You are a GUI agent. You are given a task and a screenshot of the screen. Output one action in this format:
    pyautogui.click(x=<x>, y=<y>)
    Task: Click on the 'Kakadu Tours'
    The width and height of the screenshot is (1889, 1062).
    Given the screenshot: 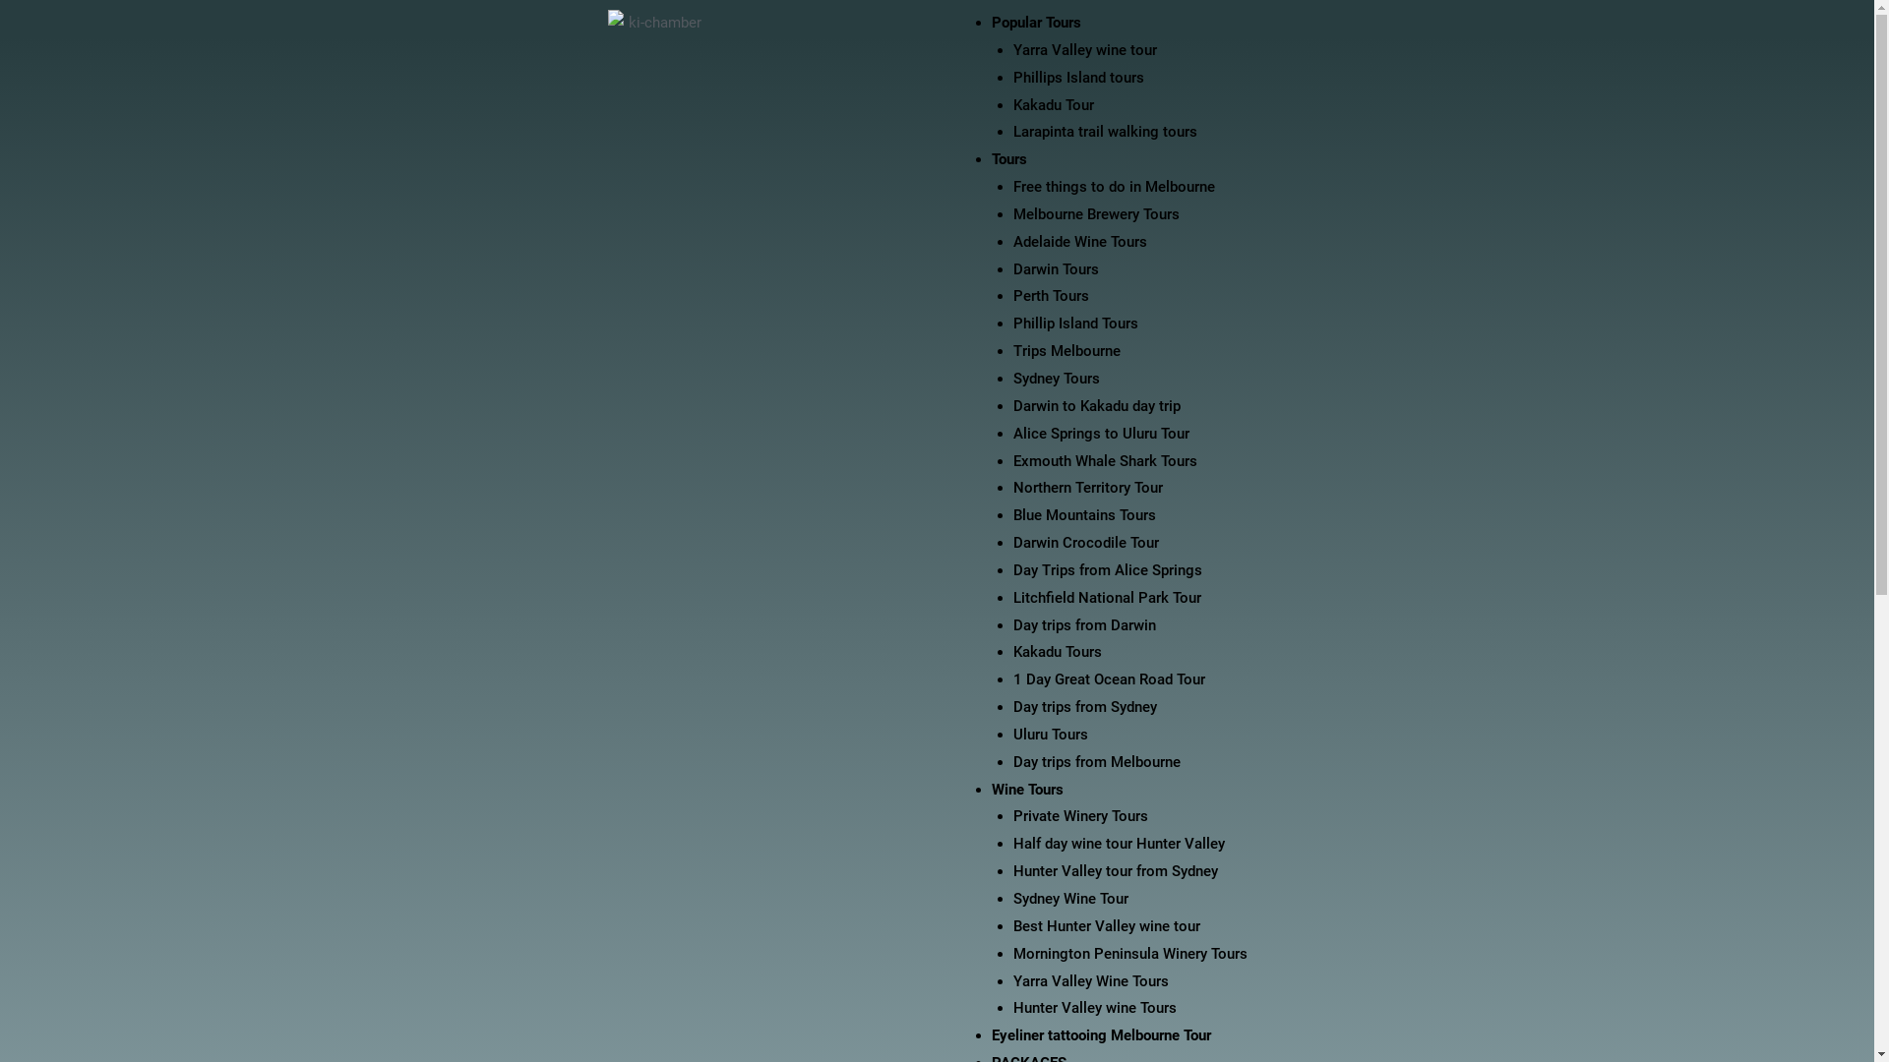 What is the action you would take?
    pyautogui.click(x=1057, y=652)
    